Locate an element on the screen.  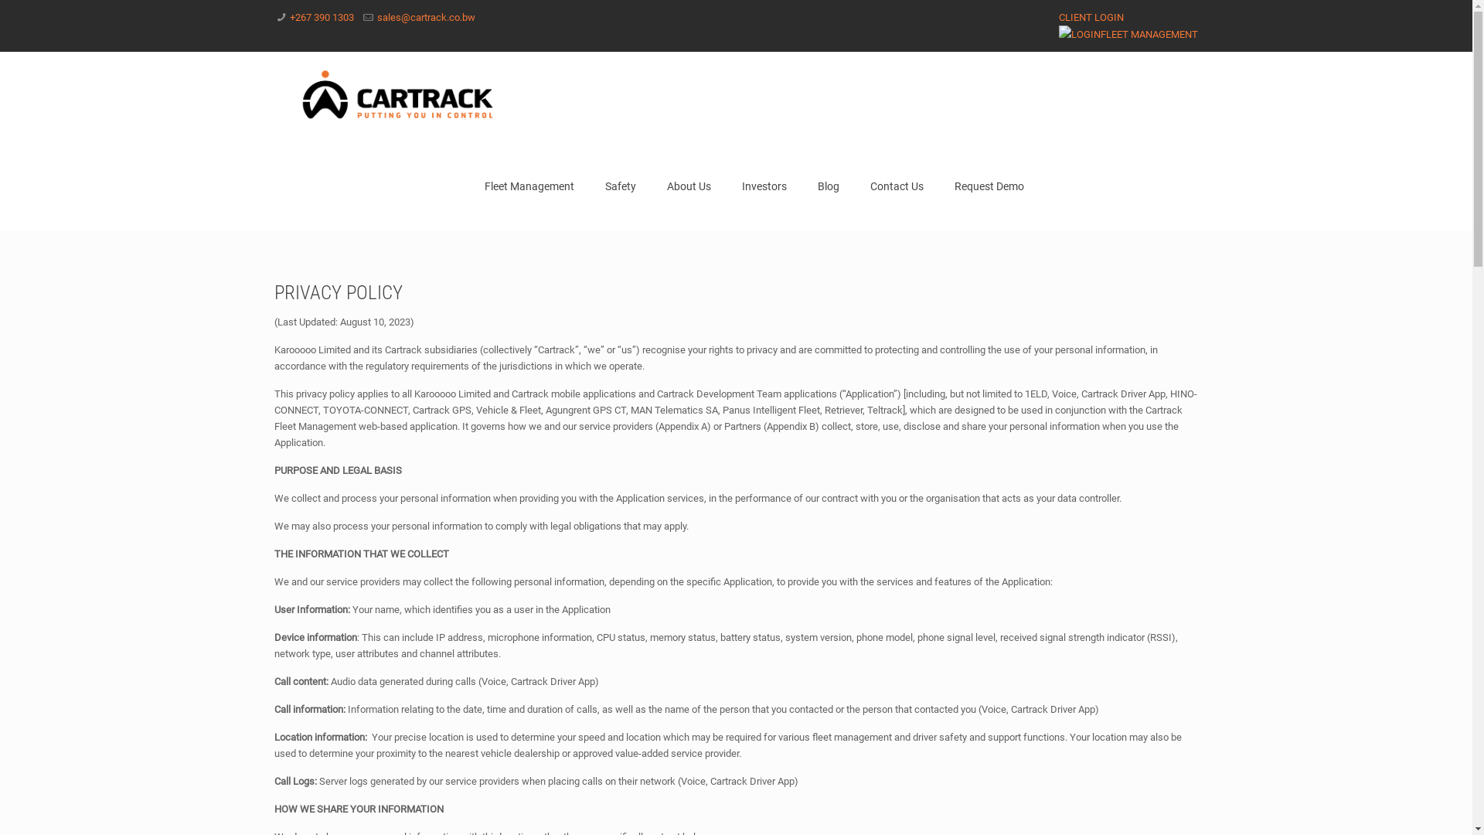
'CLIENT LOGIN' is located at coordinates (1057, 17).